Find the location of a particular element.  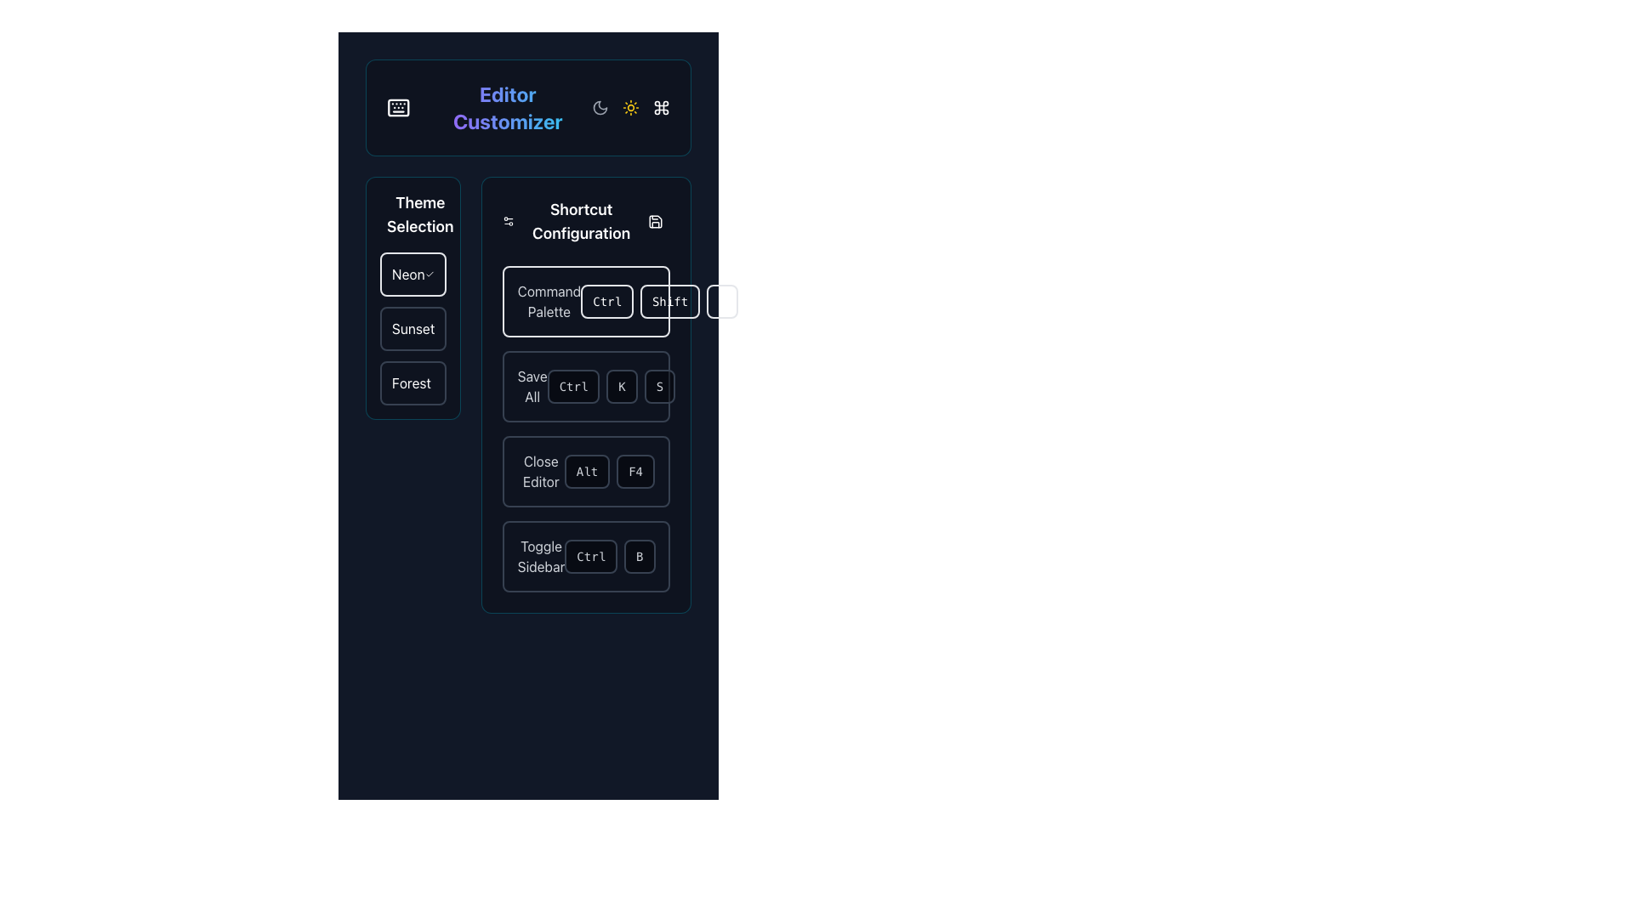

the graphical element representing a key within the keyboard-themed icon located in the upper portion of the interface is located at coordinates (397, 108).